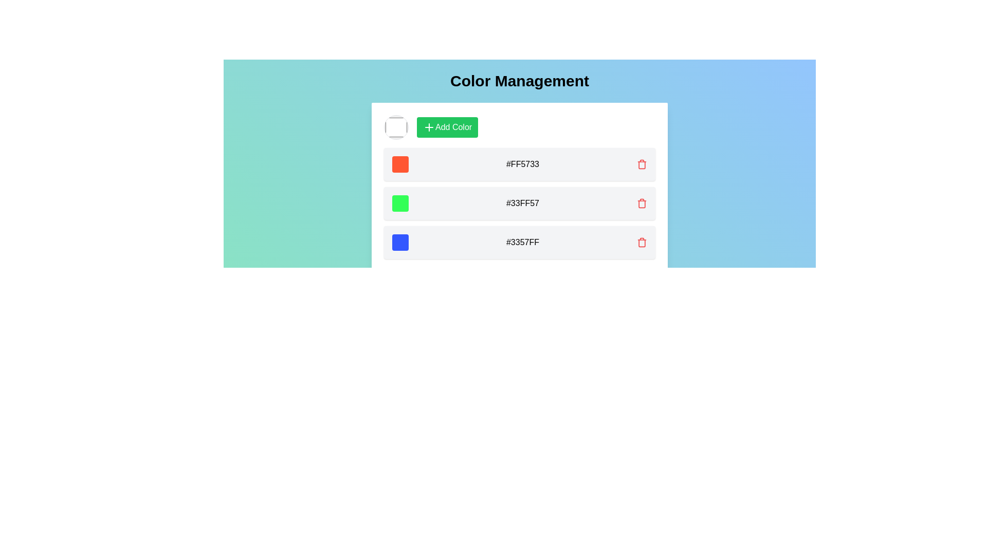 This screenshot has width=987, height=555. I want to click on a color using the circular color picker located in the horizontally arranged group in the 'Color Management' panel, so click(520, 126).